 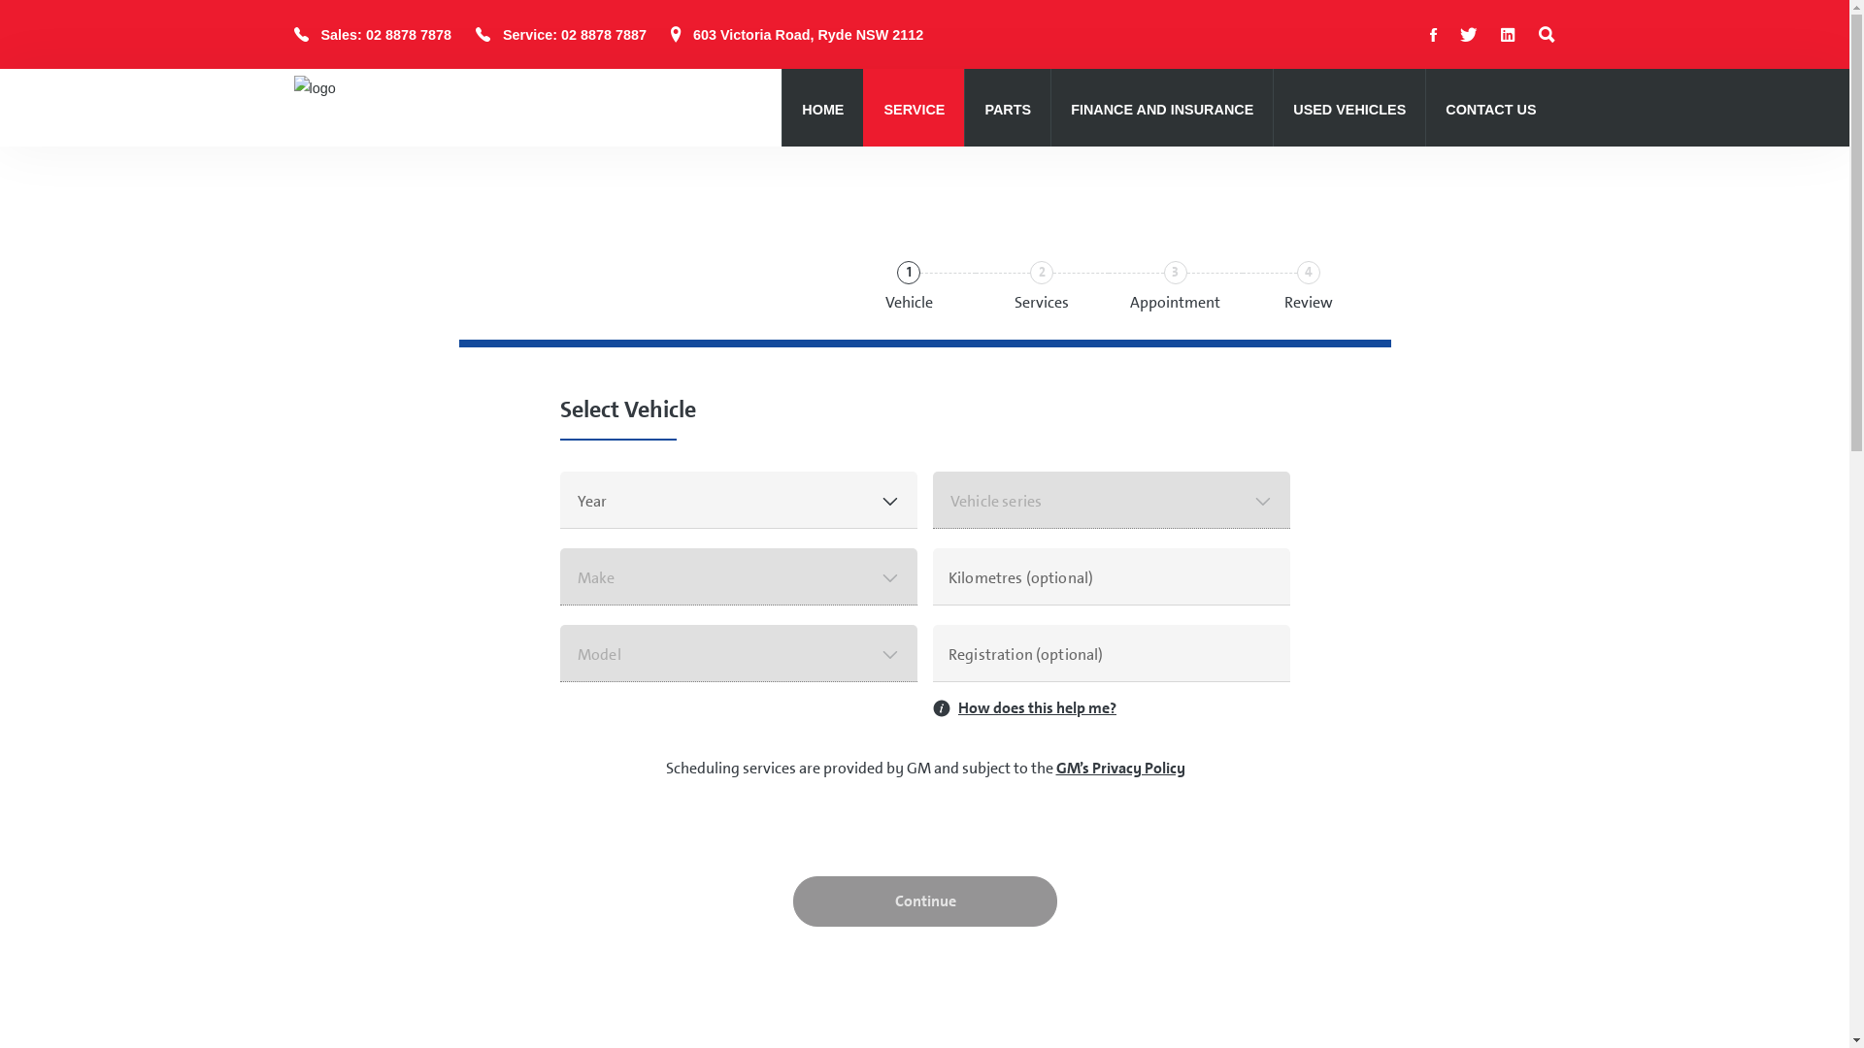 I want to click on 'FINANCE AND INSURANCE', so click(x=1161, y=109).